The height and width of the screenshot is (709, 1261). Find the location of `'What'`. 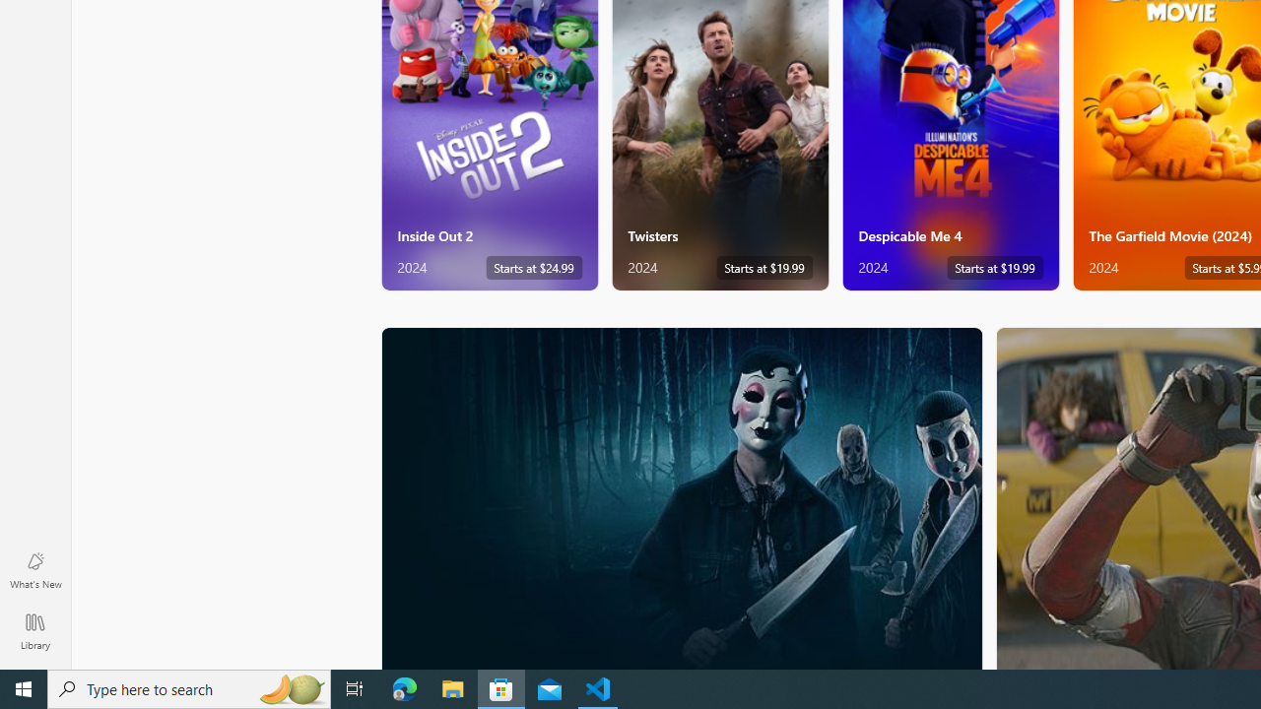

'What' is located at coordinates (34, 569).